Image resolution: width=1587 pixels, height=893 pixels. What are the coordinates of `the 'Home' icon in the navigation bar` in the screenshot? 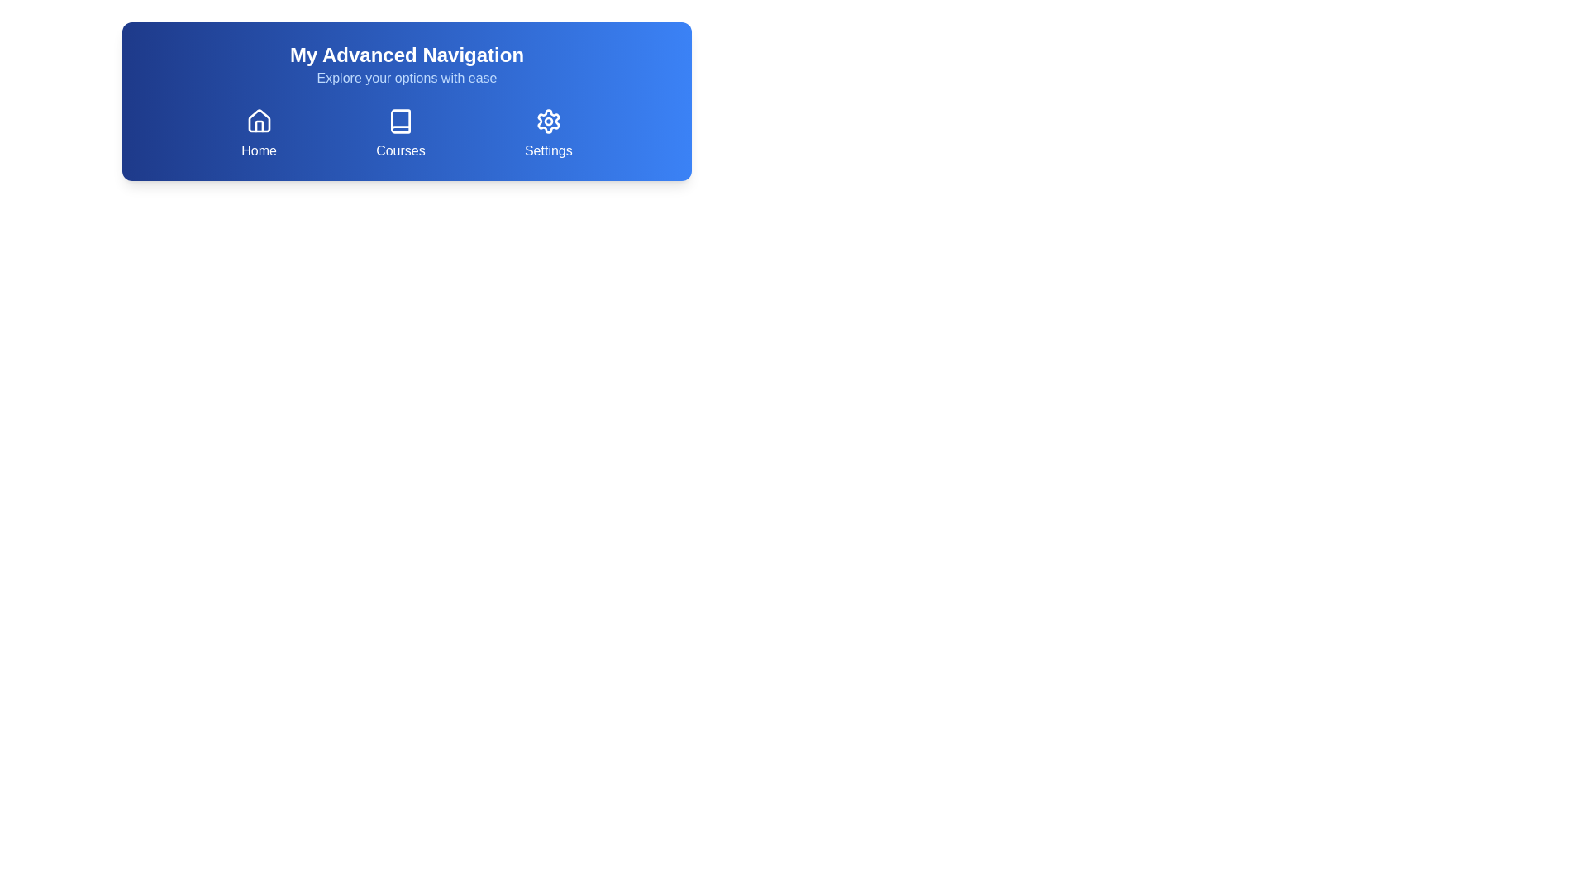 It's located at (258, 120).